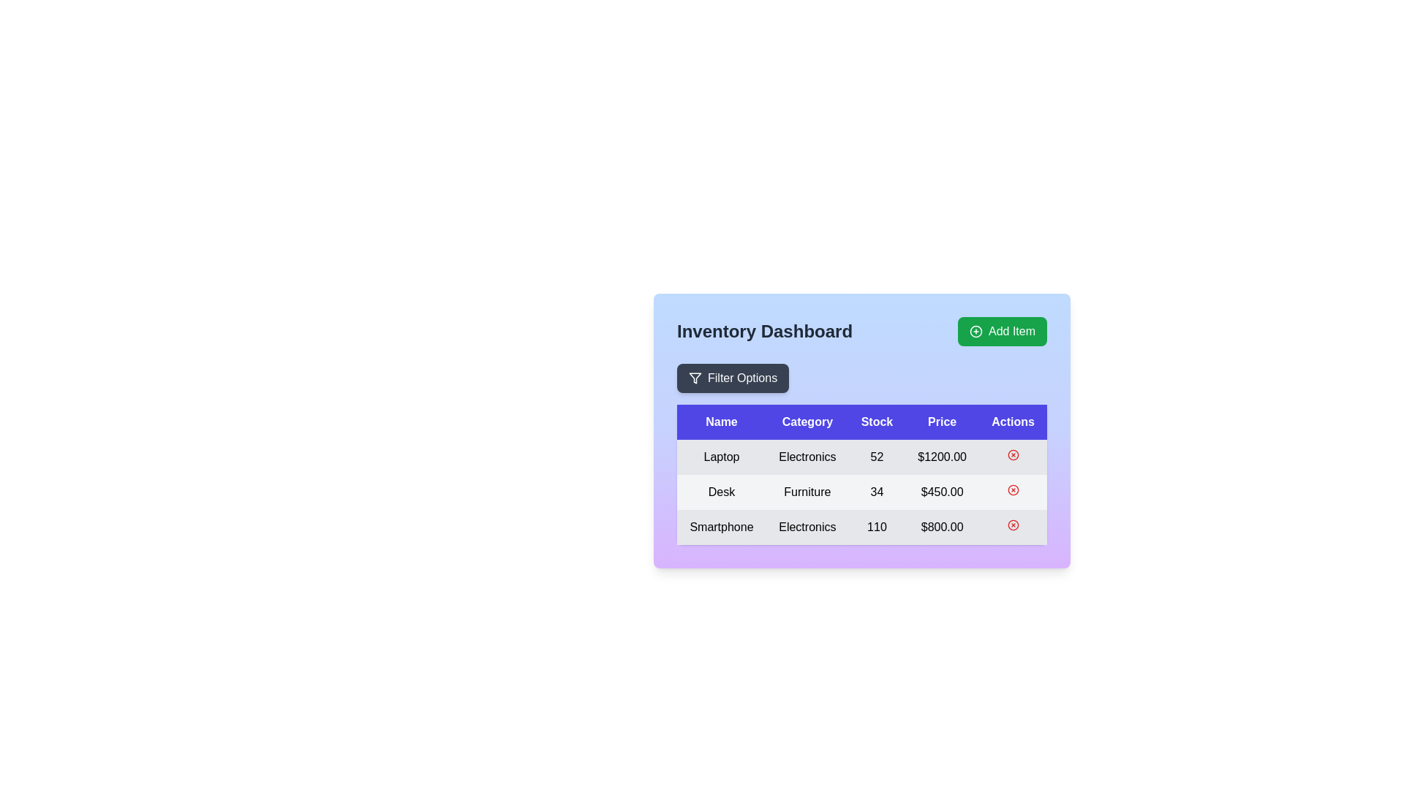  Describe the element at coordinates (862, 456) in the screenshot. I see `the first table row representing the product listing for 'Laptop' in the inventory dashboard` at that location.